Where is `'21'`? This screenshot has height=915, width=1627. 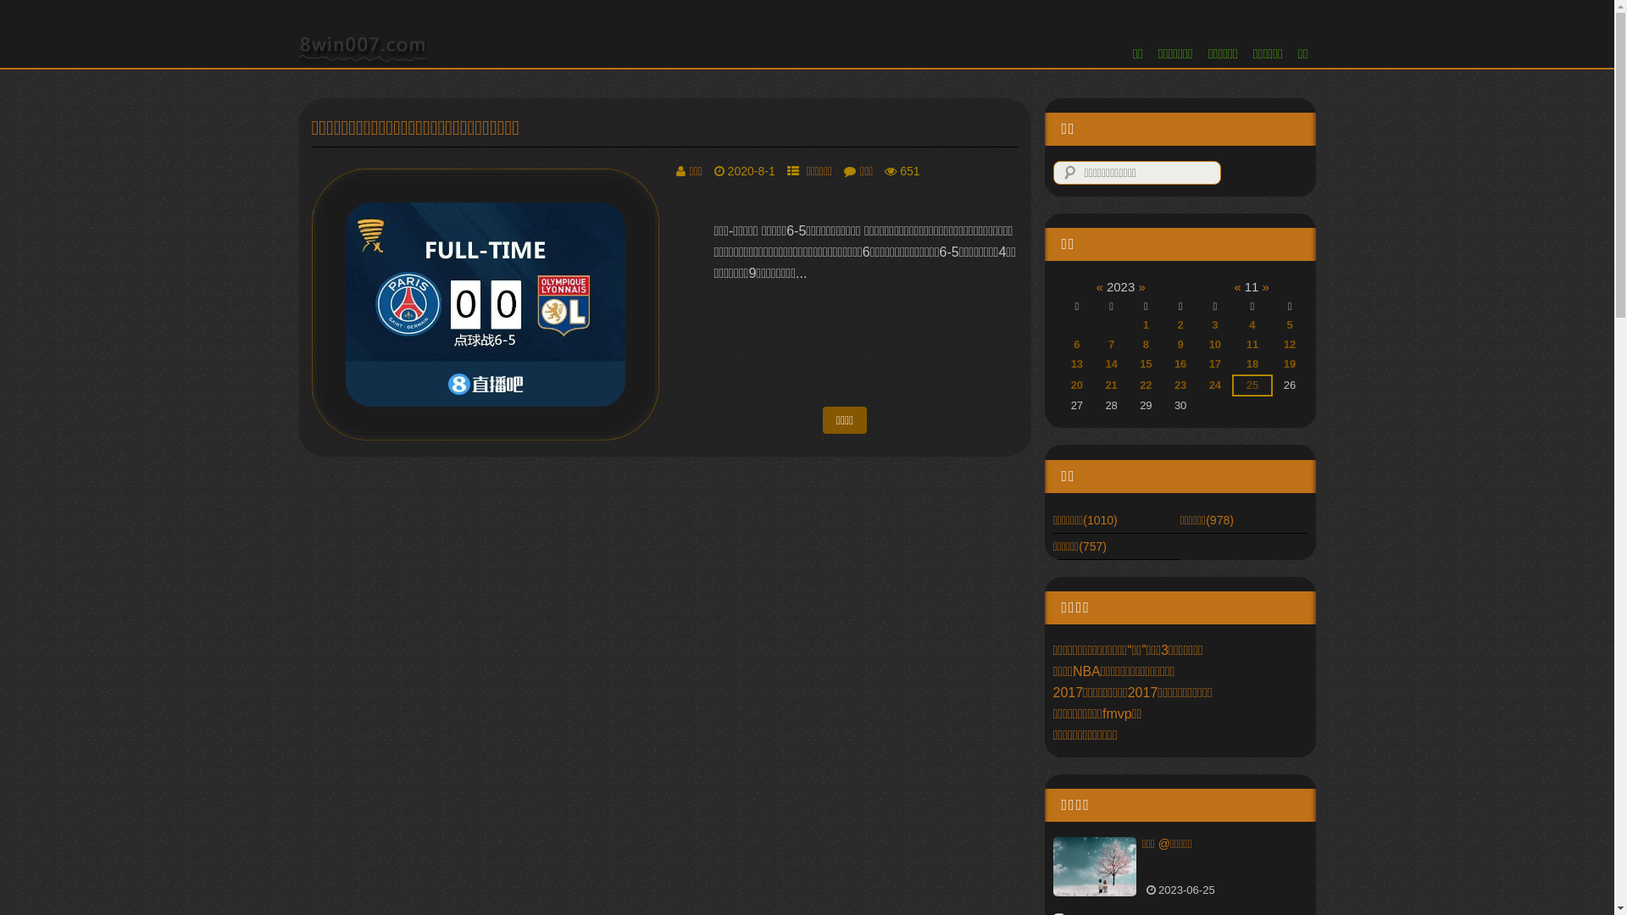
'21' is located at coordinates (1110, 385).